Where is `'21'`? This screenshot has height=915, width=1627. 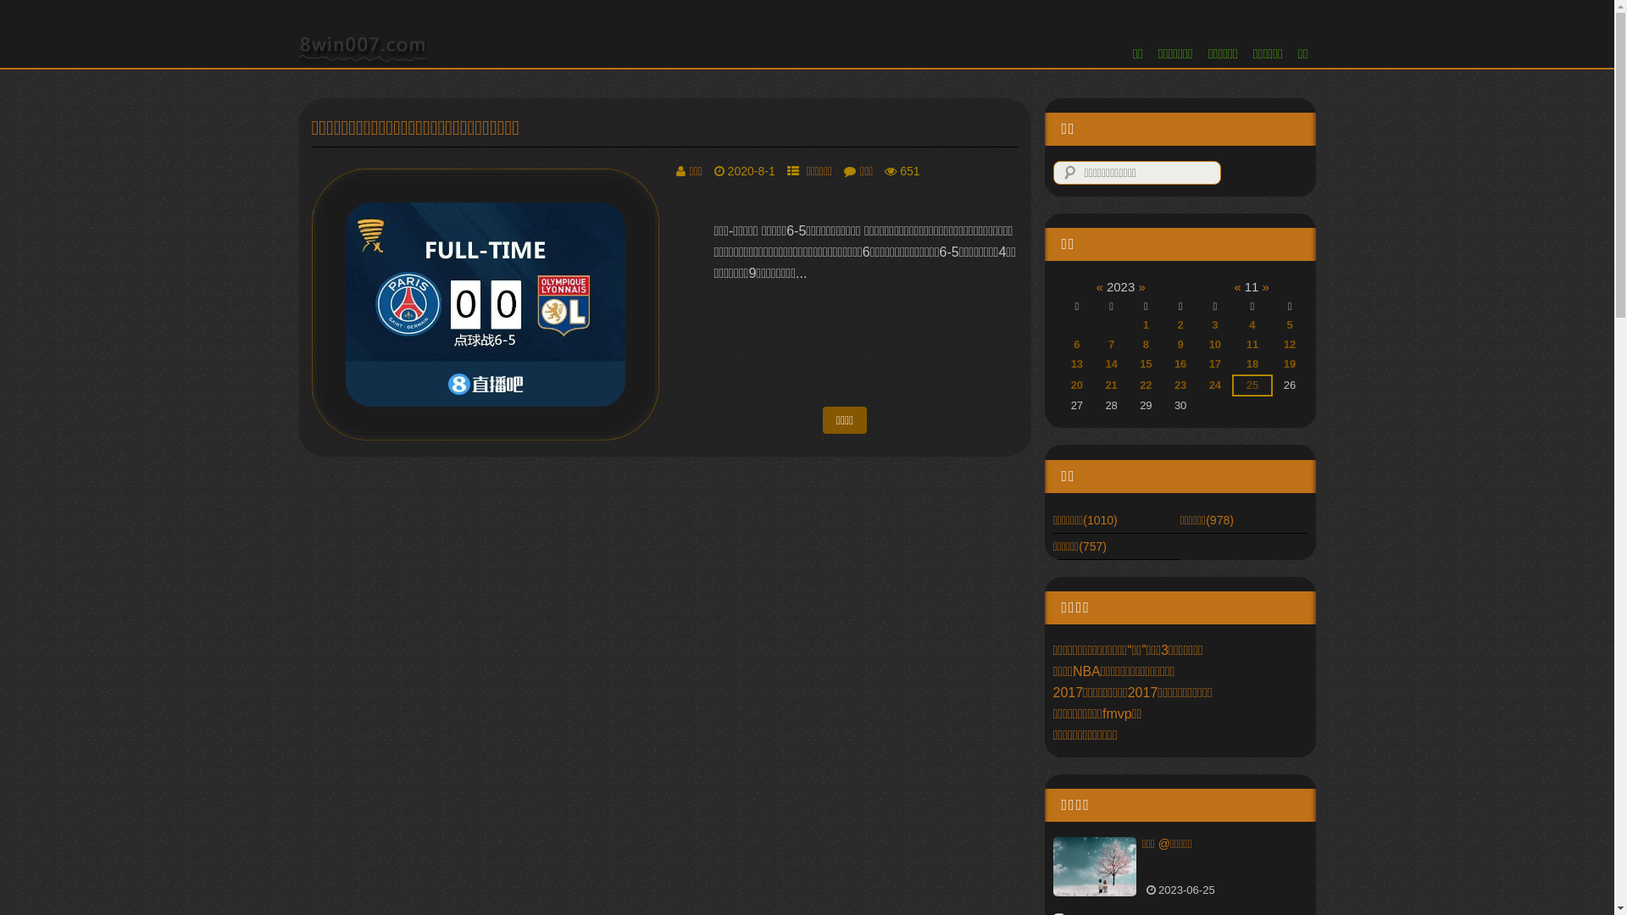
'21' is located at coordinates (1110, 385).